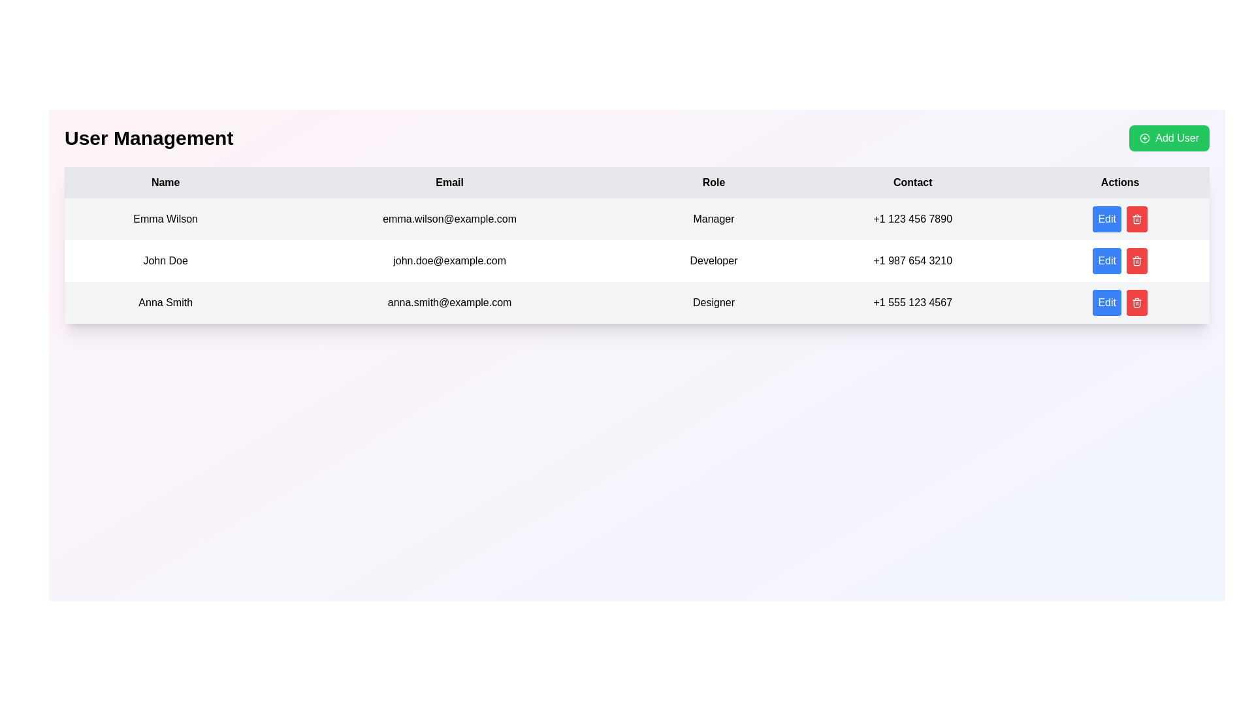 The image size is (1254, 705). Describe the element at coordinates (1119, 183) in the screenshot. I see `the column header in the table that indicates action buttons for each row, positioned at the far right of the header row` at that location.